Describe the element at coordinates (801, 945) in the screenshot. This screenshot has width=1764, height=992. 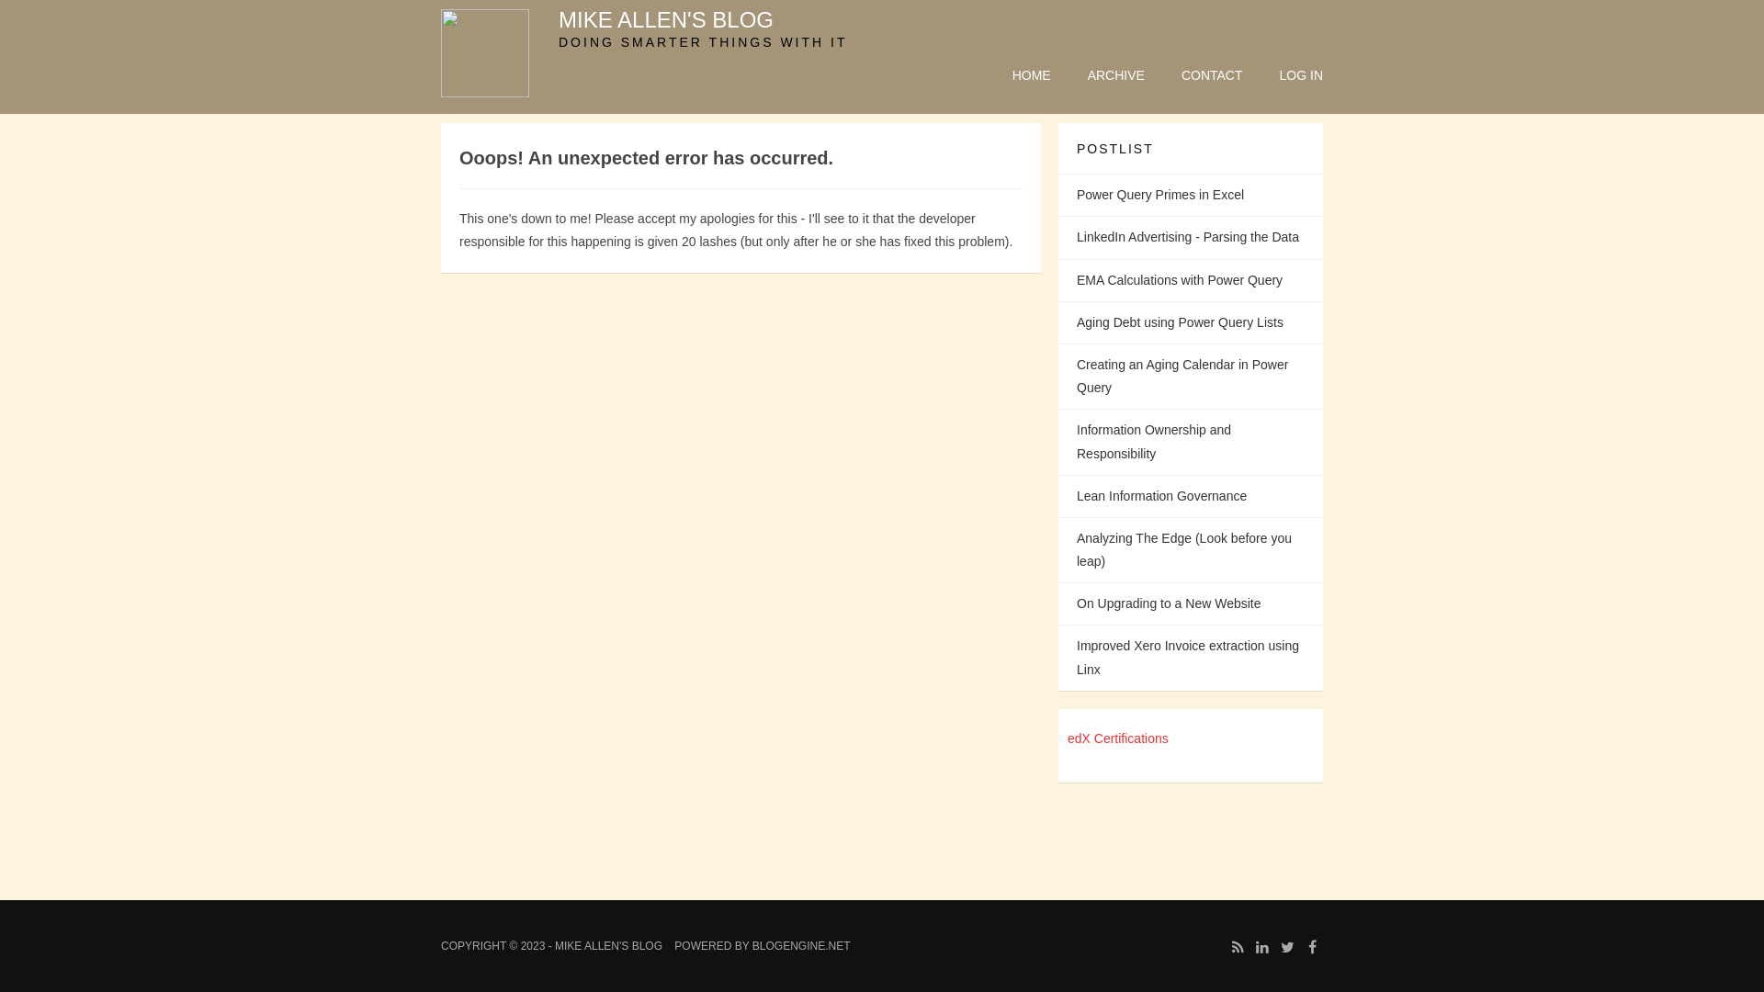
I see `'BLOGENGINE.NET'` at that location.